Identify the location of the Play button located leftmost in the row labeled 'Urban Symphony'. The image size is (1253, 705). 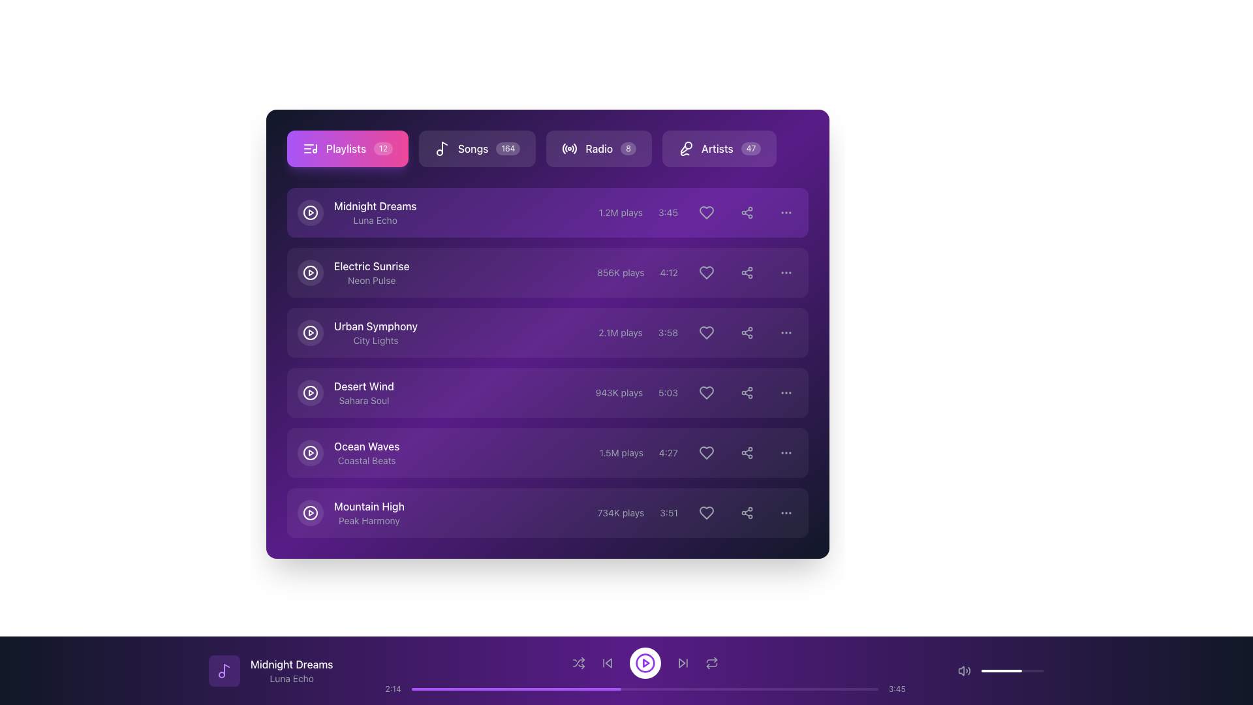
(309, 332).